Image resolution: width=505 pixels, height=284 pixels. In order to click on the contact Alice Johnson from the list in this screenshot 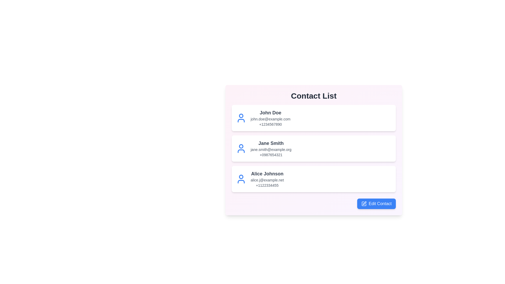, I will do `click(314, 179)`.